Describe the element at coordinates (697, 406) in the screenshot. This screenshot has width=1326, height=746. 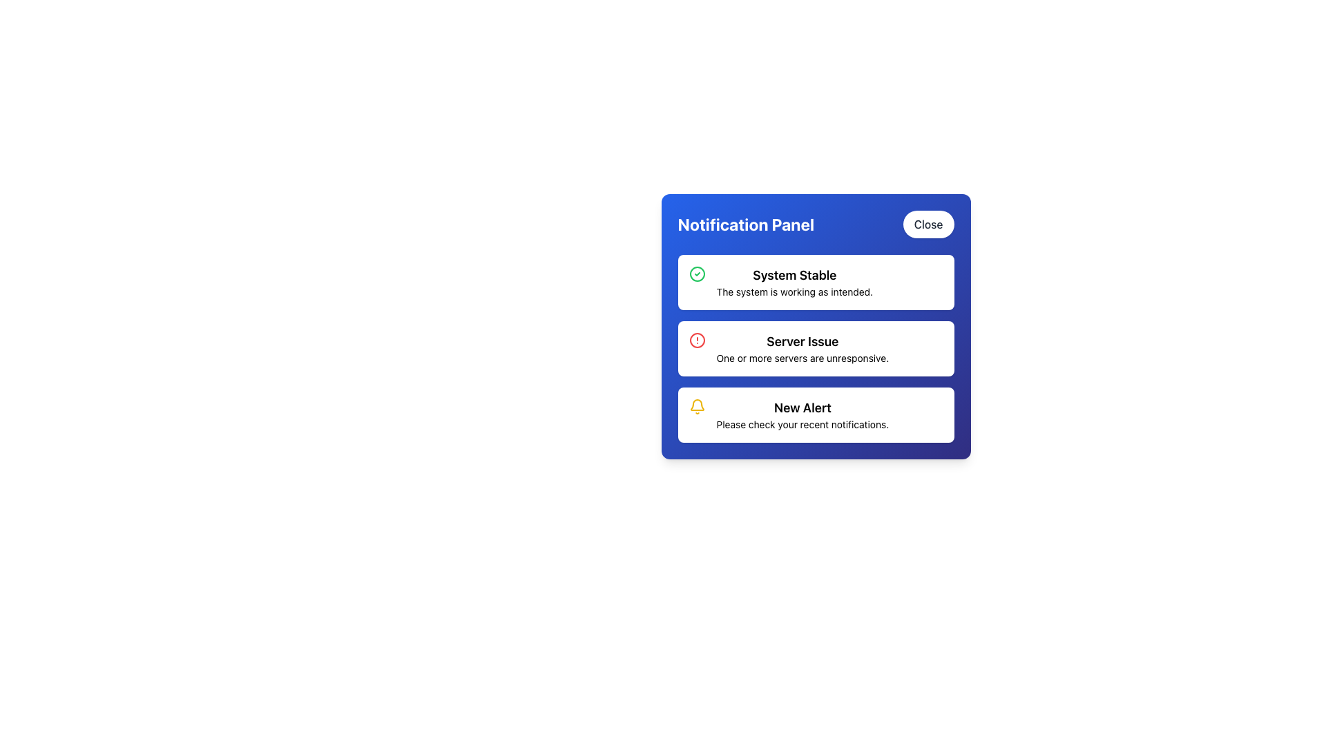
I see `the notification icon within the 'New Alert' card, located at the top left corner of the card, which represents alerts or notifications` at that location.